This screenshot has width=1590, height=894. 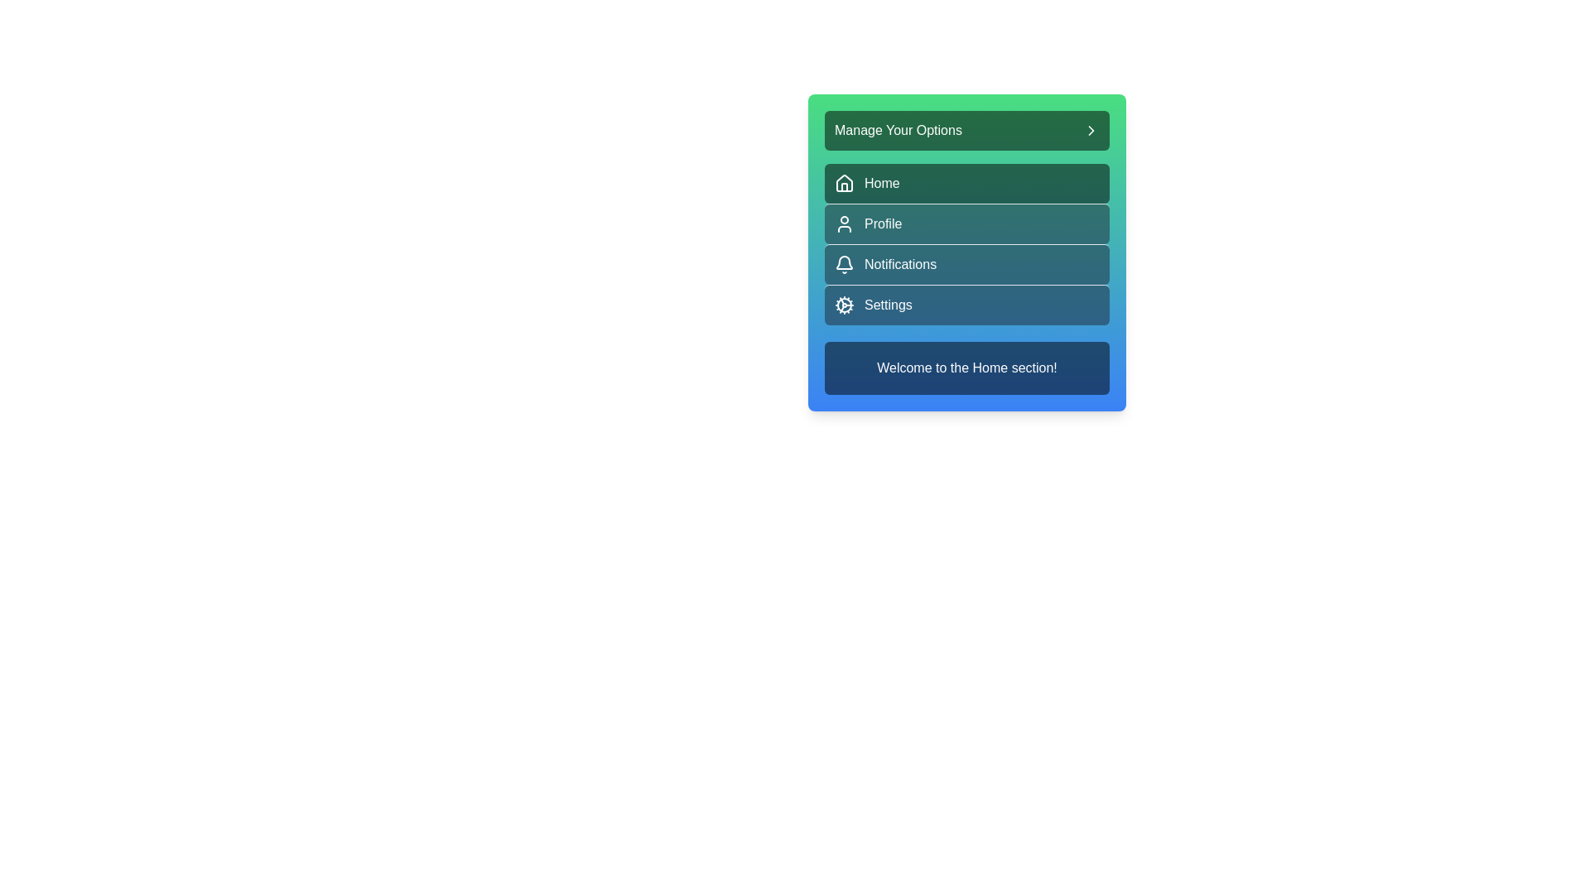 What do you see at coordinates (966, 263) in the screenshot?
I see `the notifications button, which is the third button in a vertical list located between the Profile and Settings buttons` at bounding box center [966, 263].